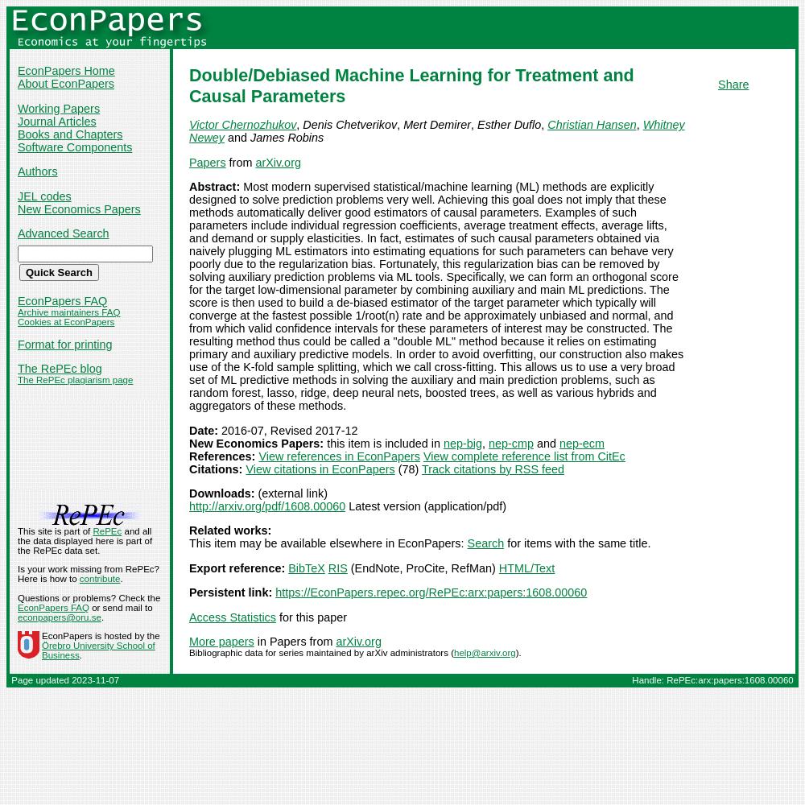 This screenshot has width=805, height=805. I want to click on 'Authors', so click(18, 171).